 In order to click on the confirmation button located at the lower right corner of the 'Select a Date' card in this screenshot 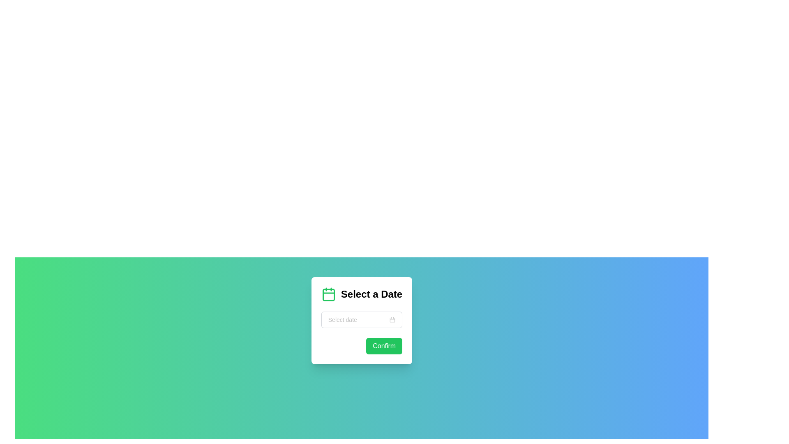, I will do `click(362, 346)`.